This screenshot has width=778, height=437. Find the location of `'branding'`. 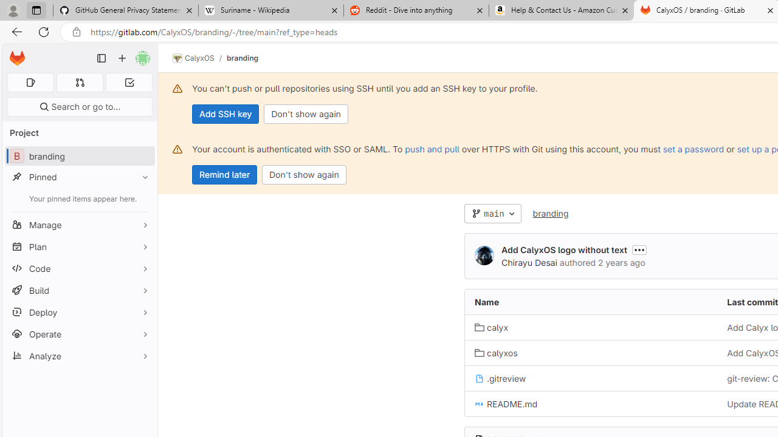

'branding' is located at coordinates (549, 212).